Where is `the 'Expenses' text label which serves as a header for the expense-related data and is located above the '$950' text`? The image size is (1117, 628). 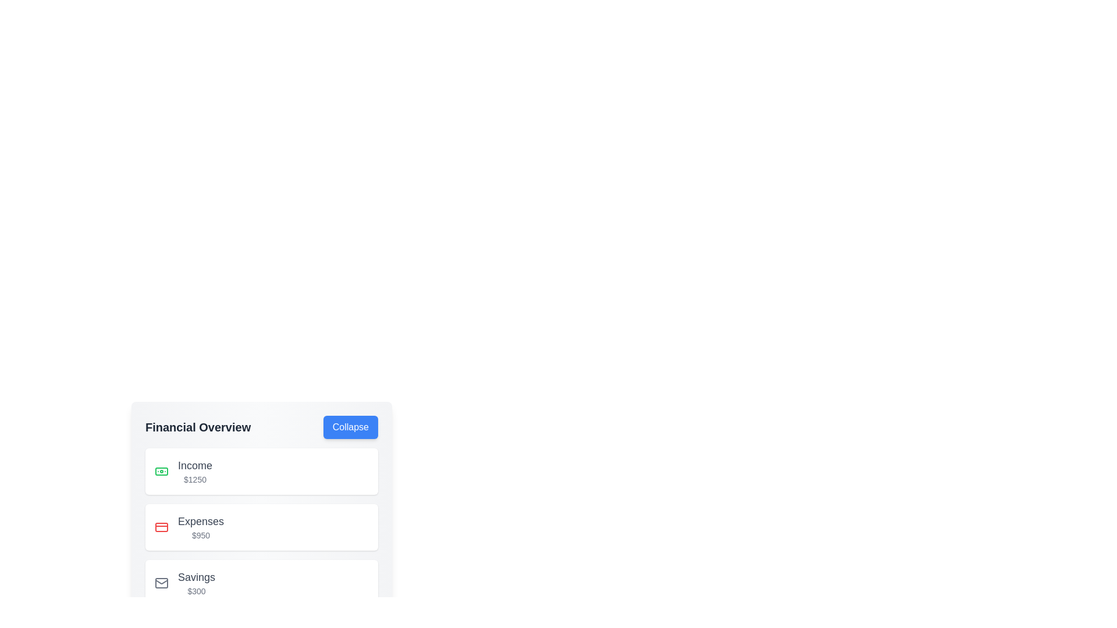 the 'Expenses' text label which serves as a header for the expense-related data and is located above the '$950' text is located at coordinates (201, 521).